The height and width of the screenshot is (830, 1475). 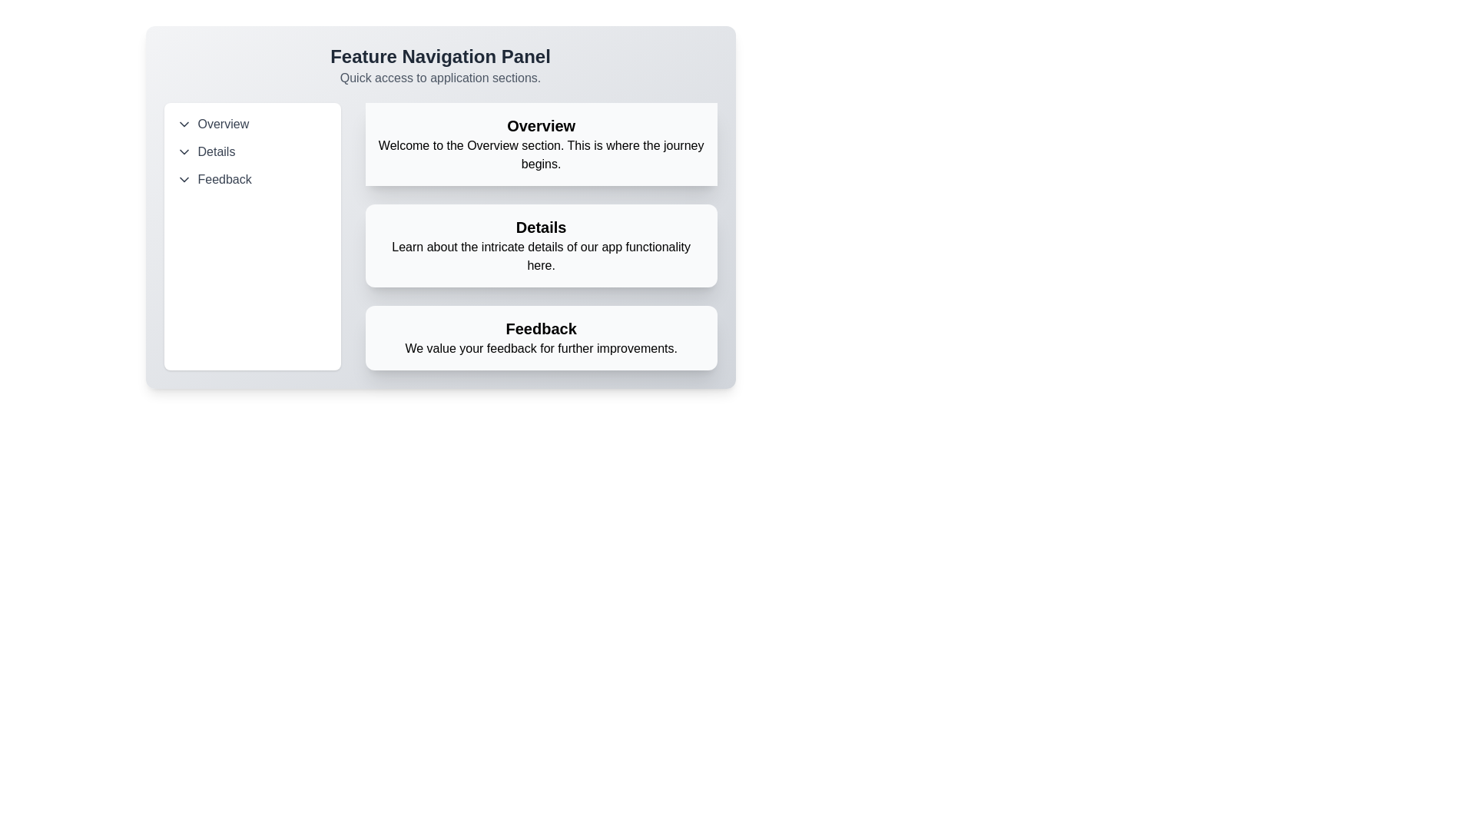 What do you see at coordinates (184, 179) in the screenshot?
I see `the downward-pointing chevron icon located next` at bounding box center [184, 179].